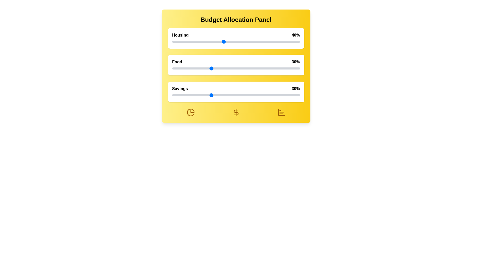 The image size is (495, 278). What do you see at coordinates (236, 62) in the screenshot?
I see `the text label displaying 'Food' with a percentage of '30%' in the Budget Allocation Panel, located between the Housing label and a range slider` at bounding box center [236, 62].